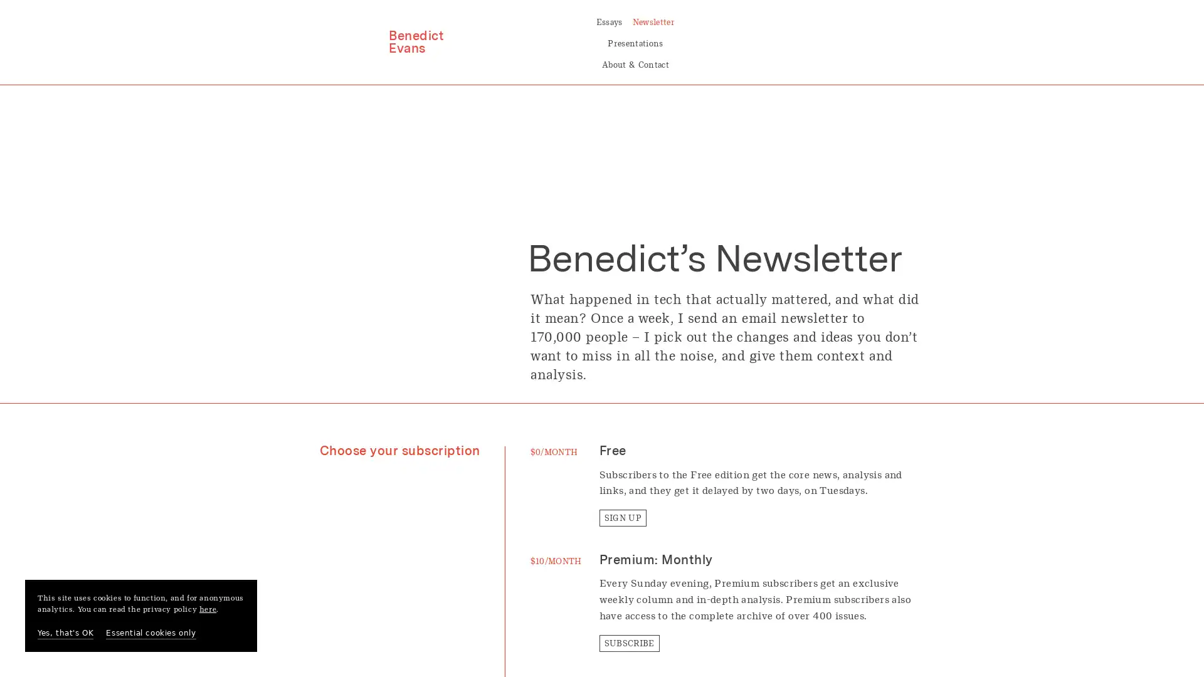 This screenshot has width=1204, height=677. I want to click on SIGN UP, so click(622, 476).